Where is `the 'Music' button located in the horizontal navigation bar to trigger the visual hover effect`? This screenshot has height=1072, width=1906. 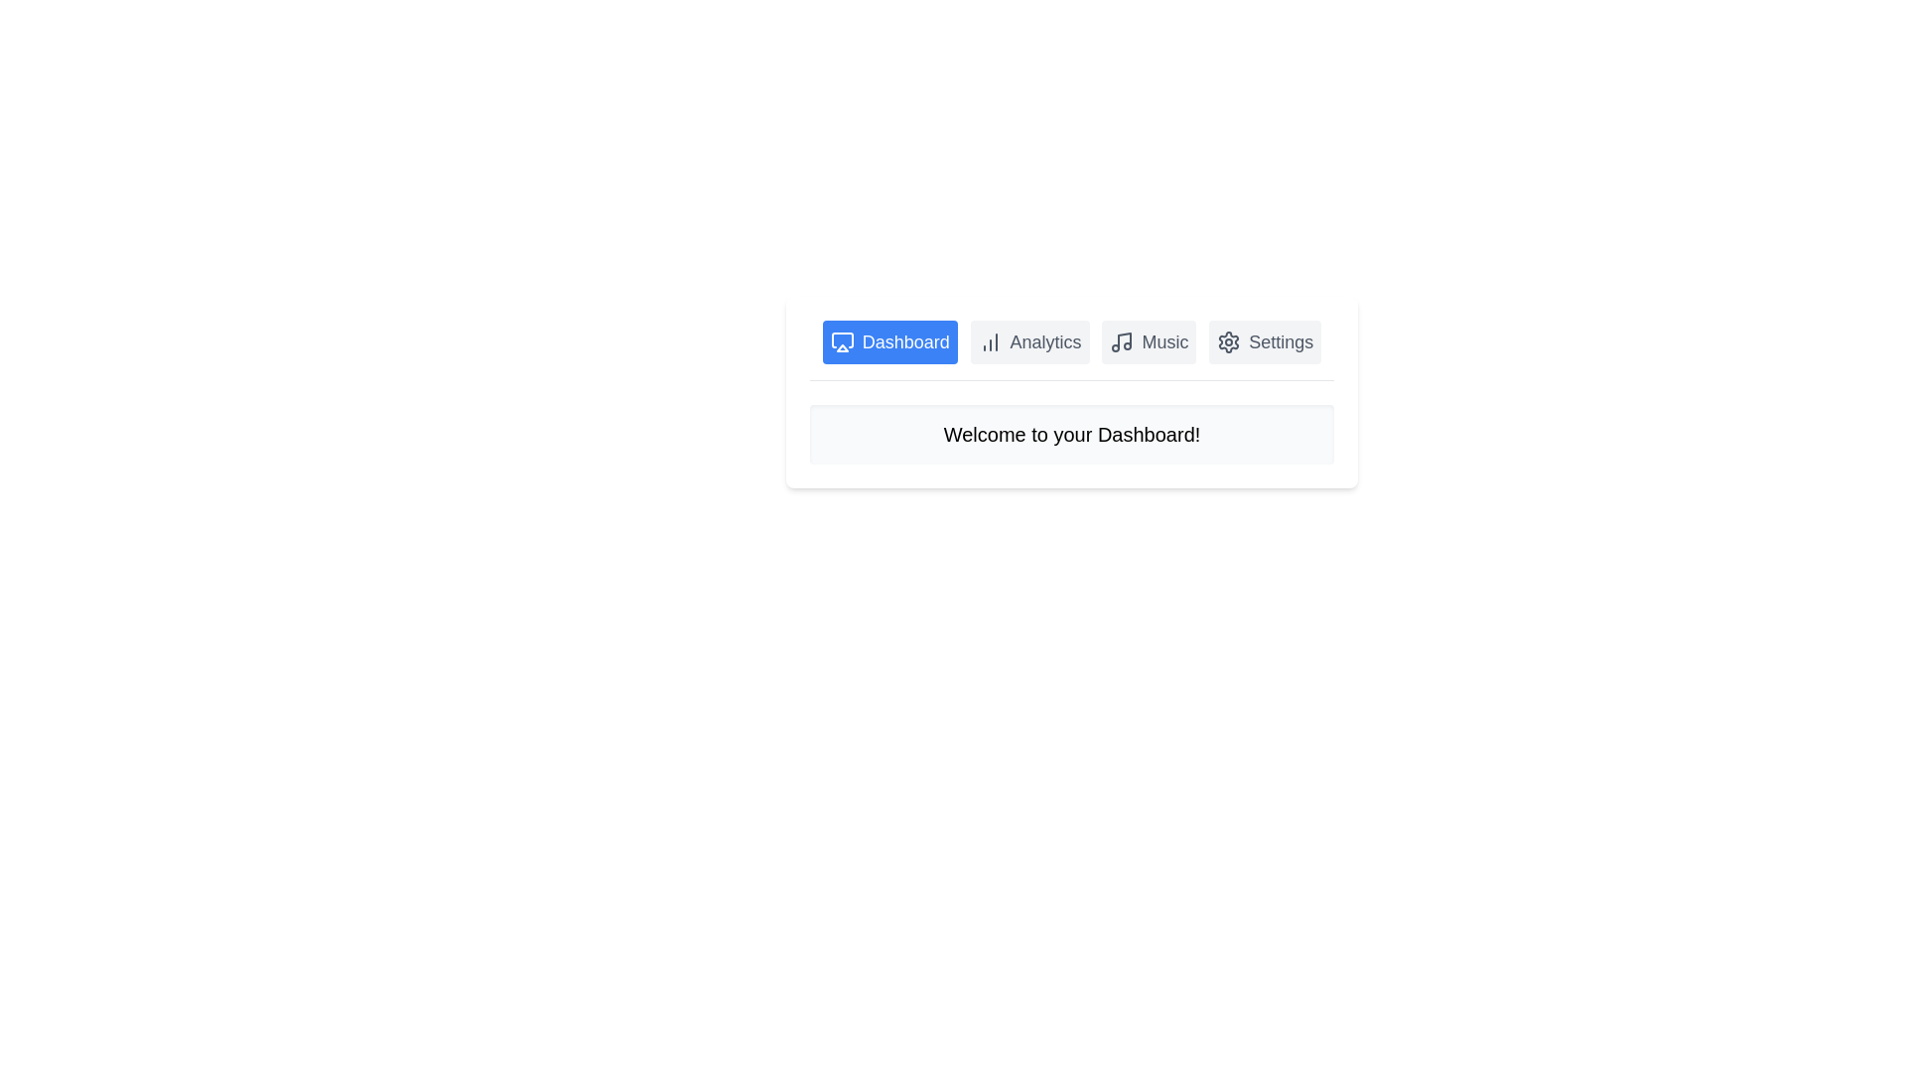
the 'Music' button located in the horizontal navigation bar to trigger the visual hover effect is located at coordinates (1149, 340).